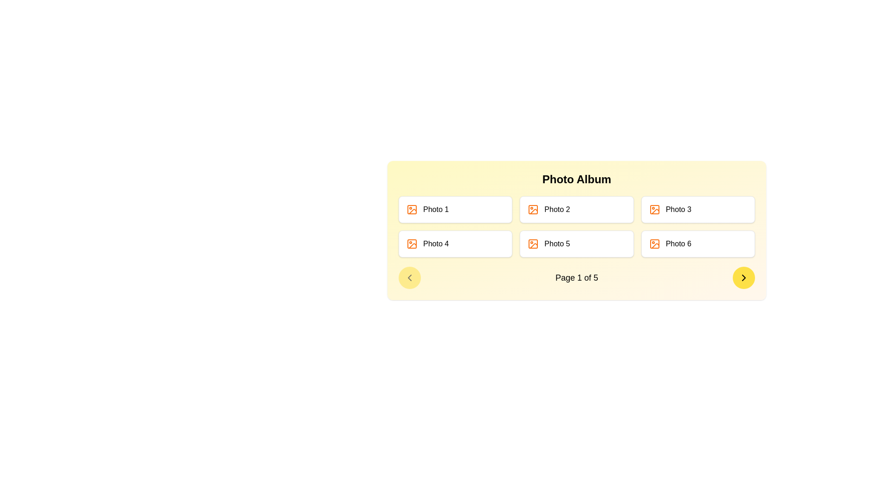 This screenshot has height=501, width=891. I want to click on the text label identifying 'Photo 5', so click(557, 243).